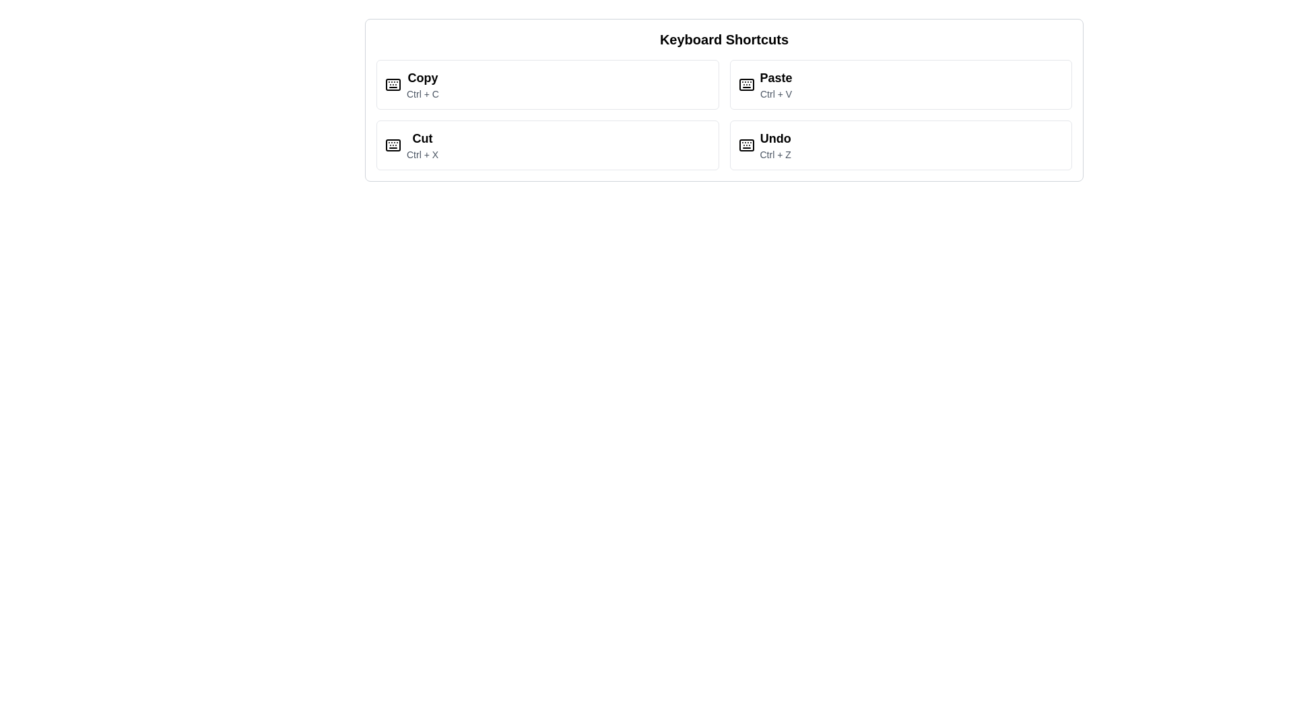  I want to click on the text label displaying 'Cut', which is styled prominently as the main label in the second box of a four-box grid layout, so click(422, 138).